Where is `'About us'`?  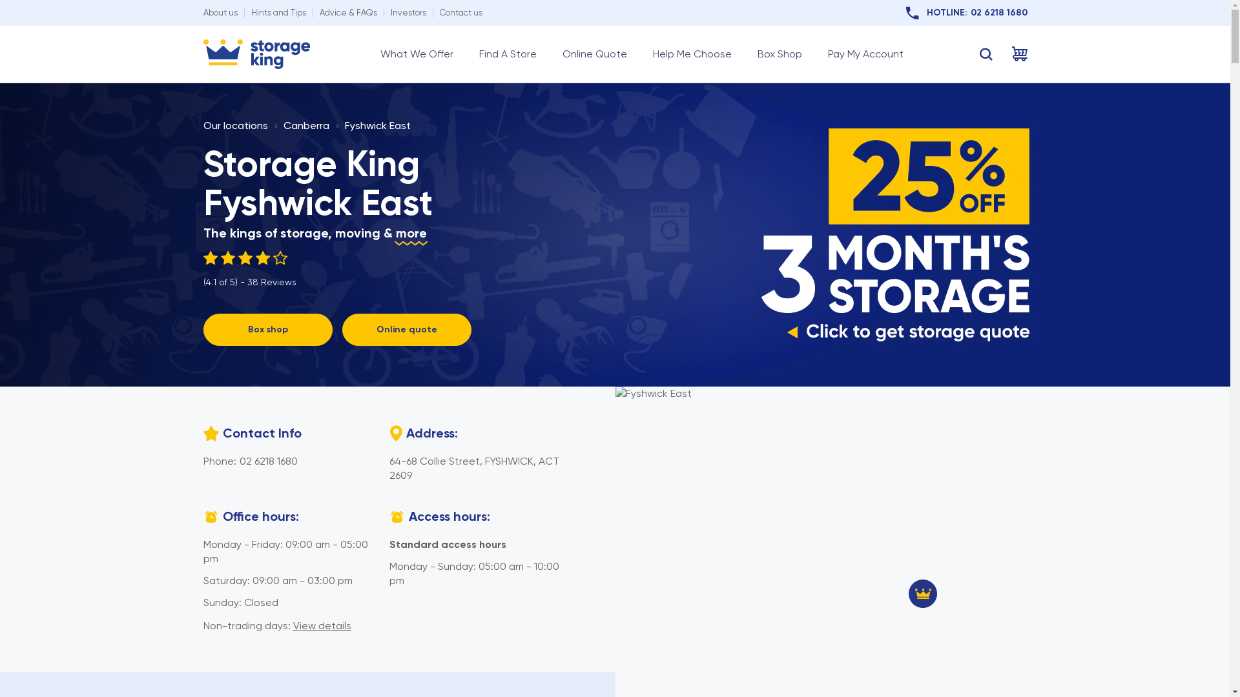
'About us' is located at coordinates (220, 12).